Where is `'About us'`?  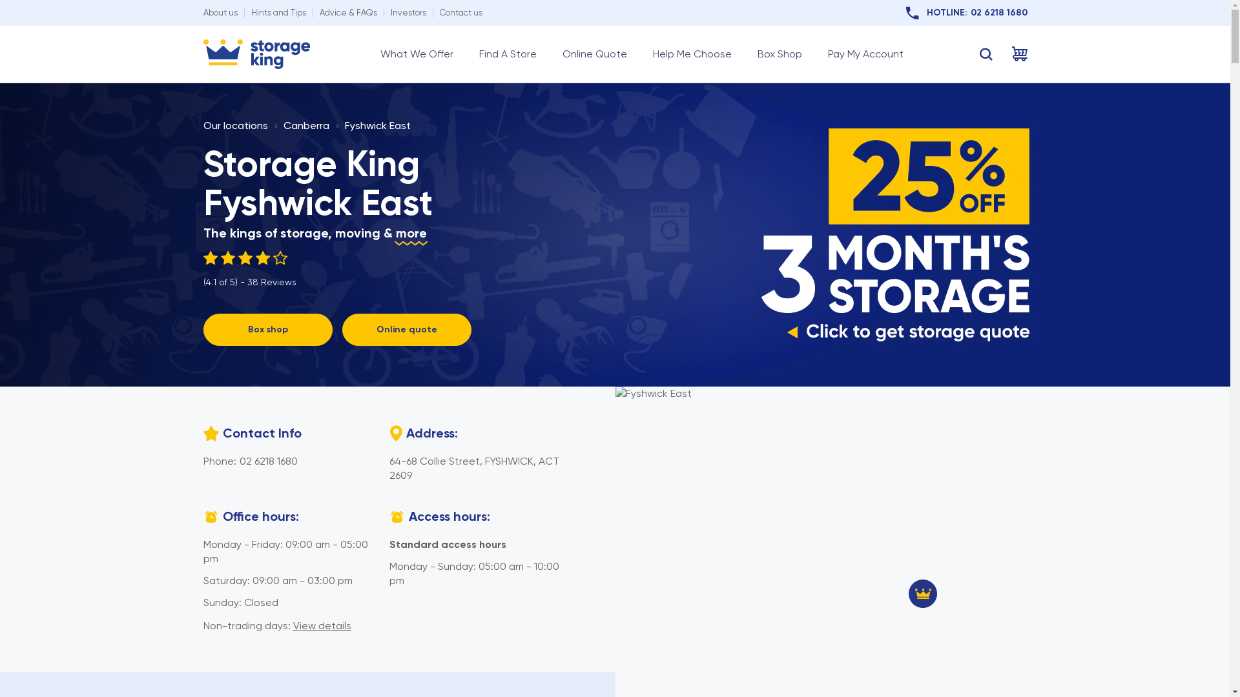
'About us' is located at coordinates (220, 12).